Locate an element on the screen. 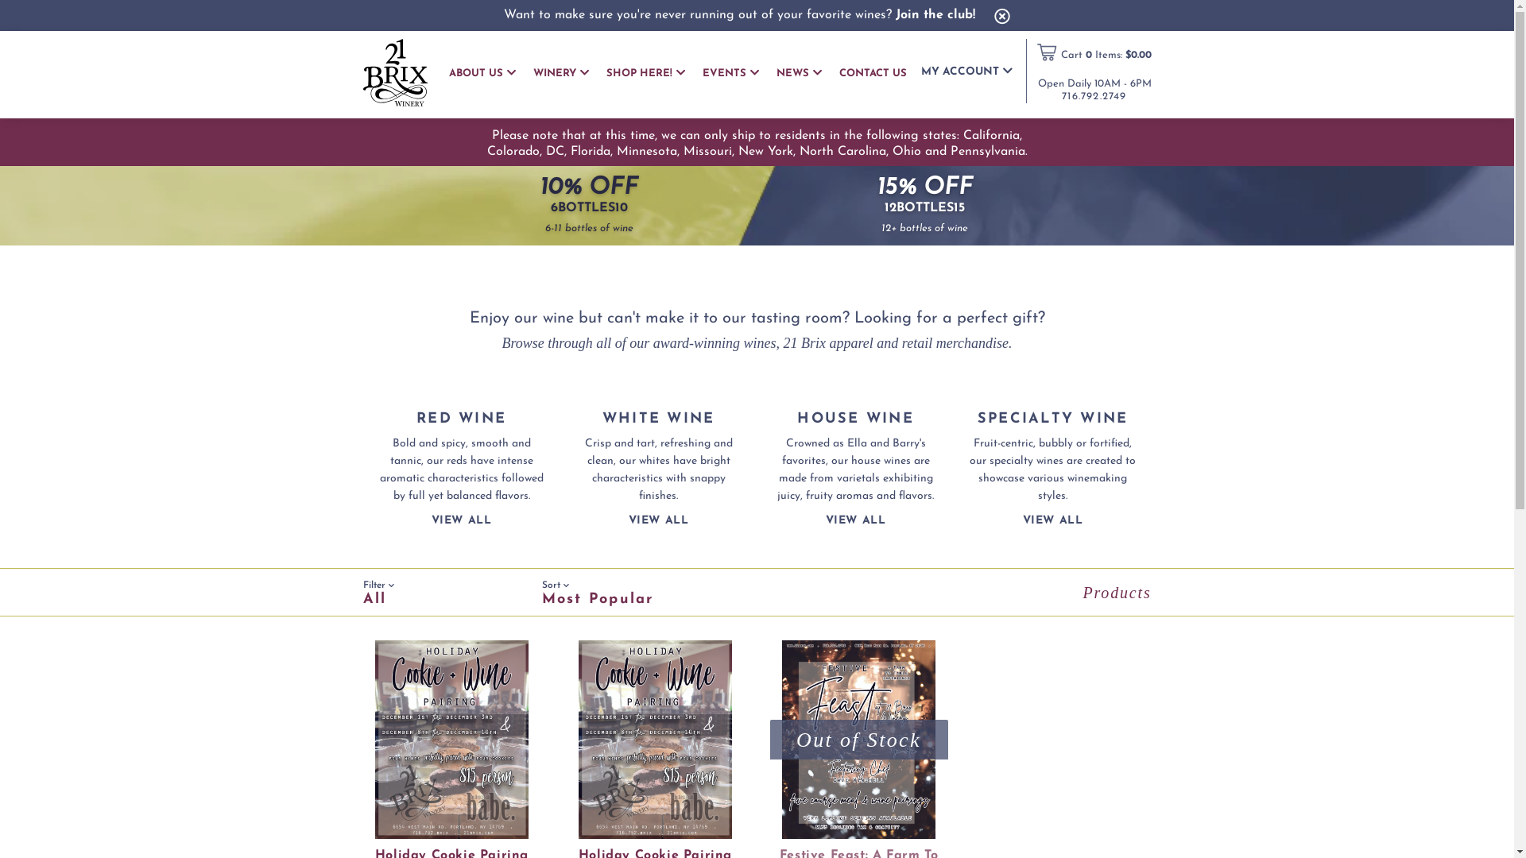  'CONTACT US' is located at coordinates (872, 73).